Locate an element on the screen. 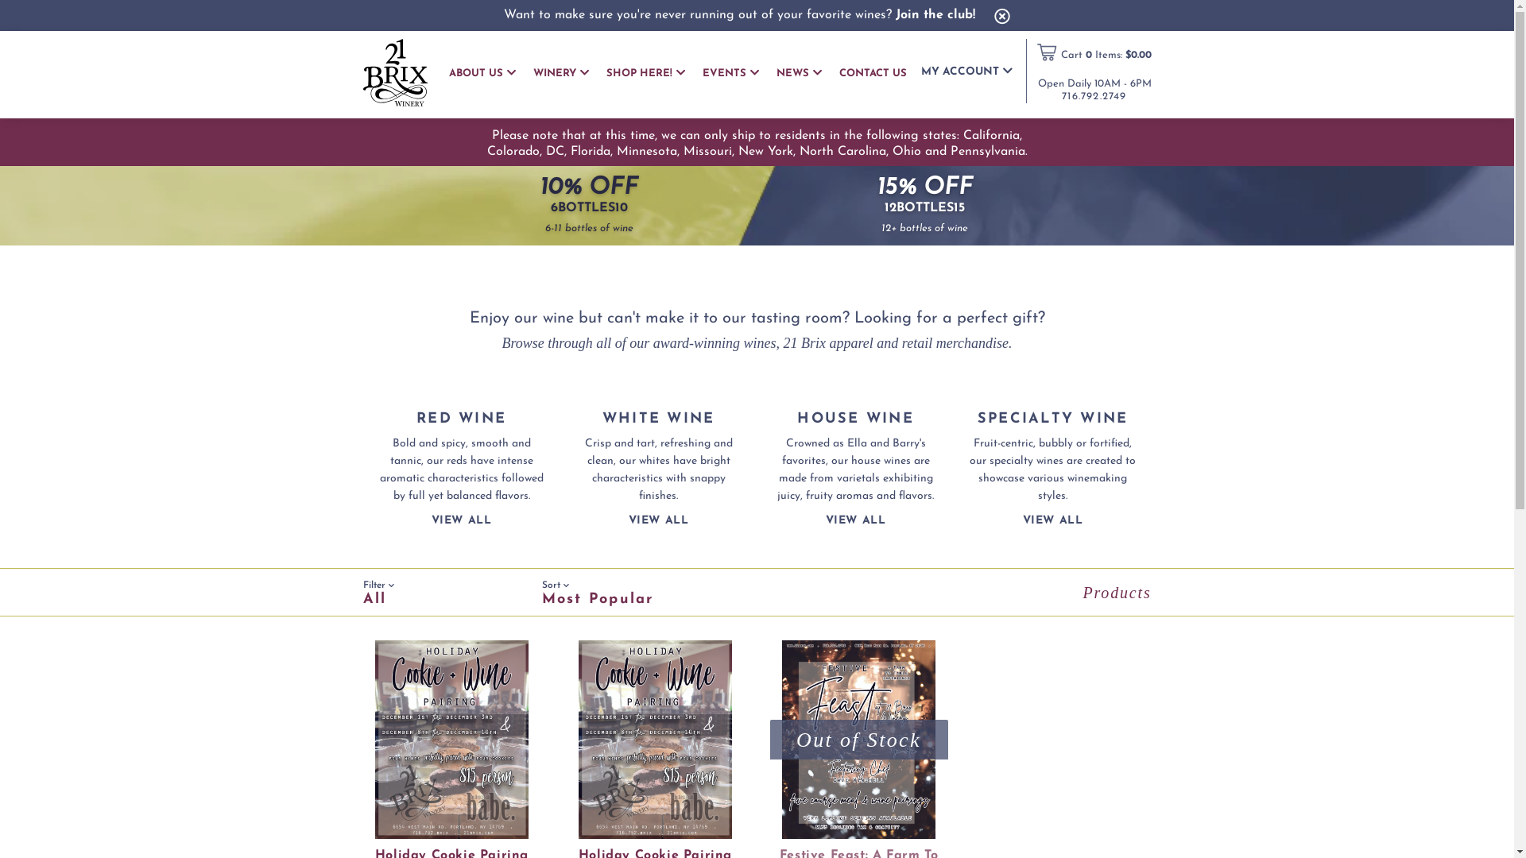  'CONTACT US' is located at coordinates (872, 73).